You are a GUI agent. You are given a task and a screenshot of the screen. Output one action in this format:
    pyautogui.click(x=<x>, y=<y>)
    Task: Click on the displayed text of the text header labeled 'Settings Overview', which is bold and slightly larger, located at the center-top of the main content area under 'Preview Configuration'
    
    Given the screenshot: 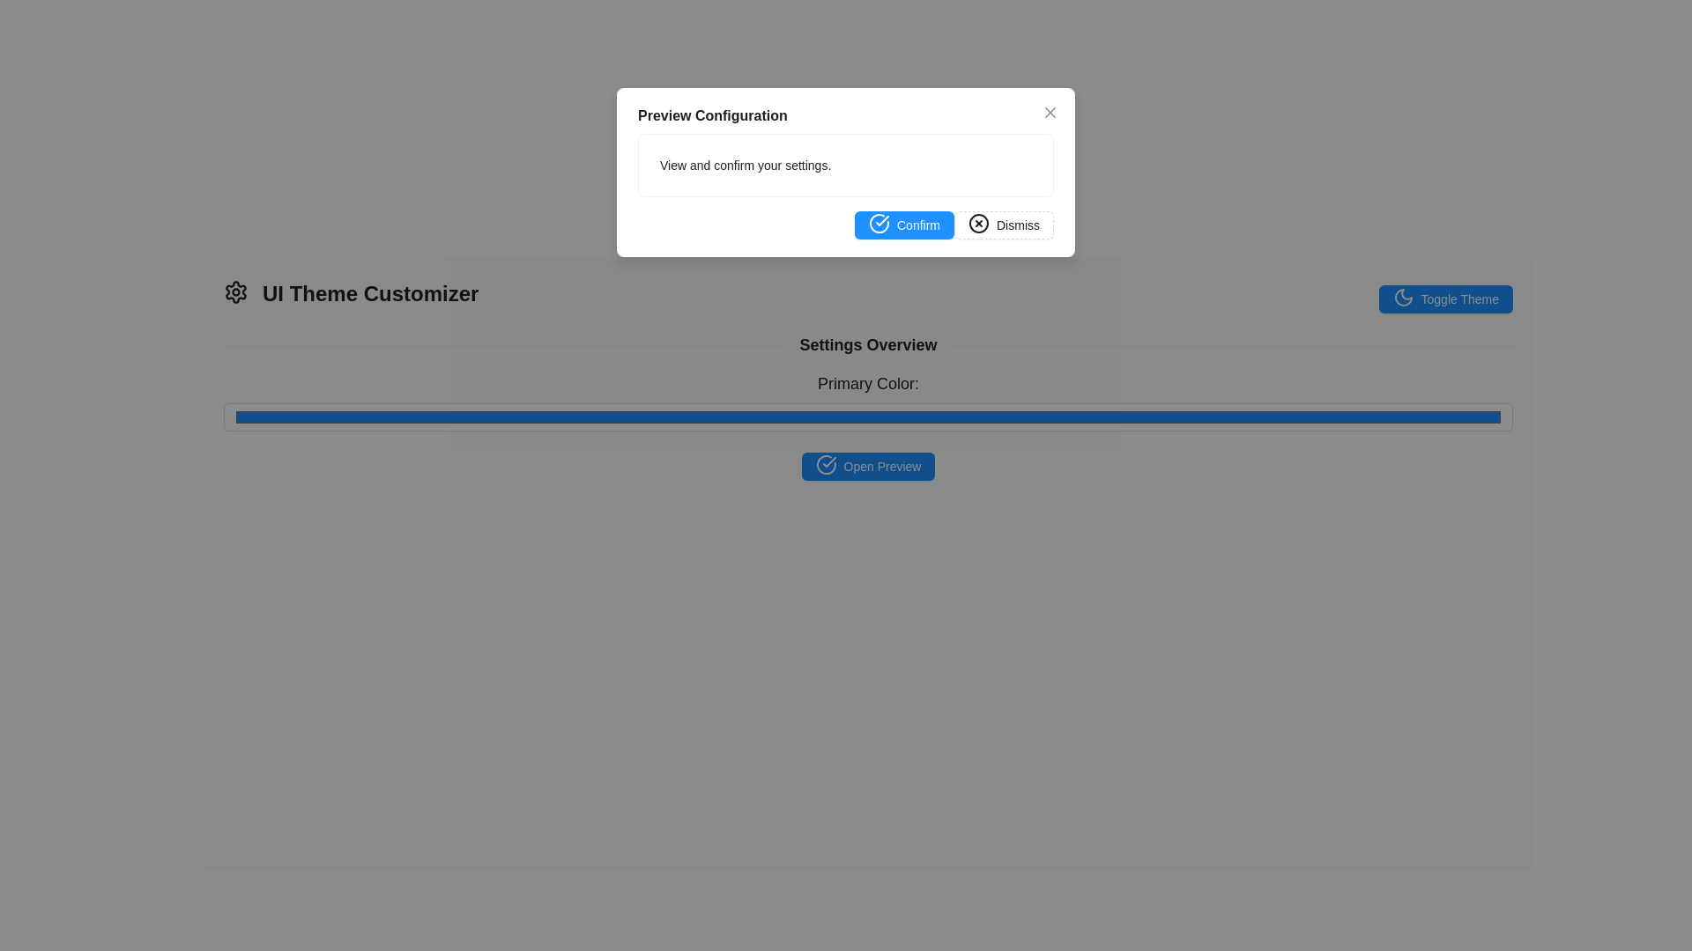 What is the action you would take?
    pyautogui.click(x=868, y=345)
    